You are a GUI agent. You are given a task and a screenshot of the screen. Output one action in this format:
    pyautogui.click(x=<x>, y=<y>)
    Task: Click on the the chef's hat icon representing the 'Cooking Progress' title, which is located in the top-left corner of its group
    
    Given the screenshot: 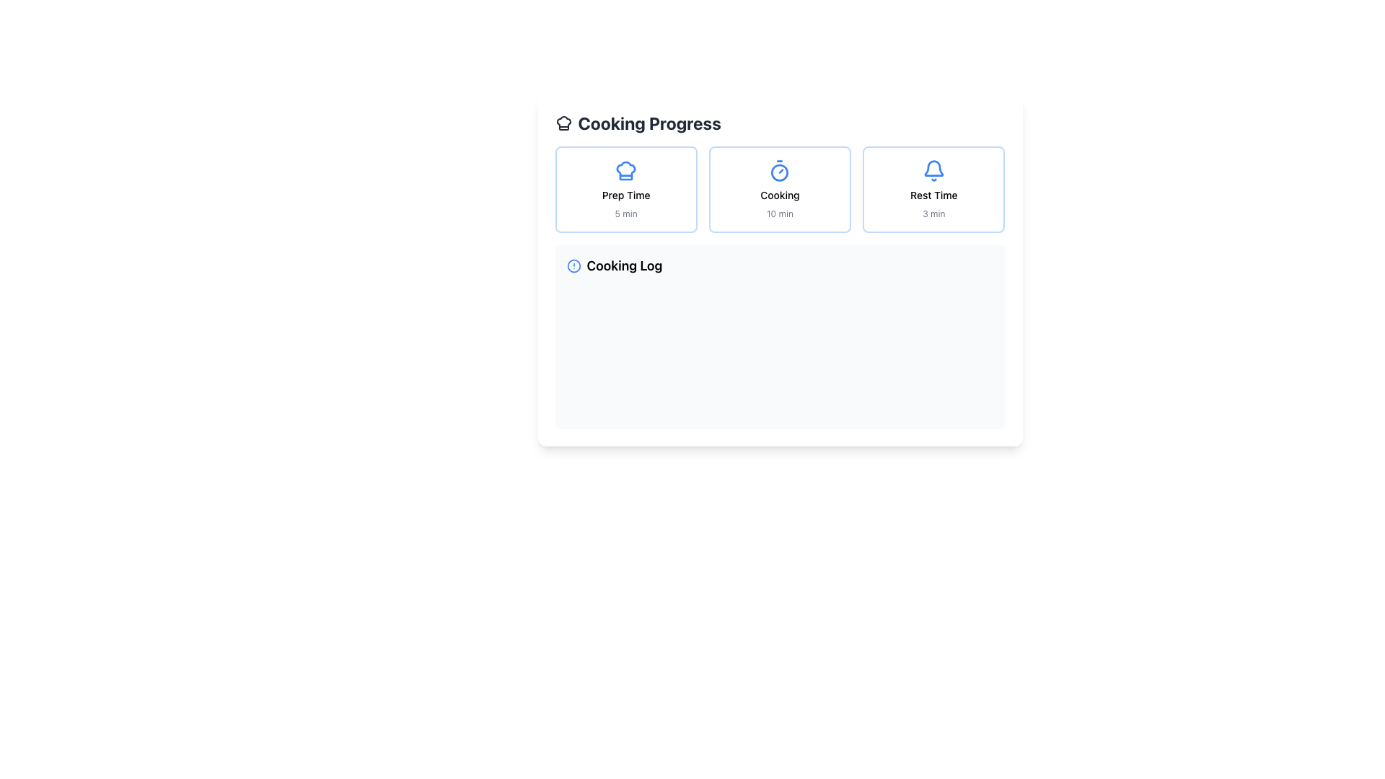 What is the action you would take?
    pyautogui.click(x=563, y=122)
    